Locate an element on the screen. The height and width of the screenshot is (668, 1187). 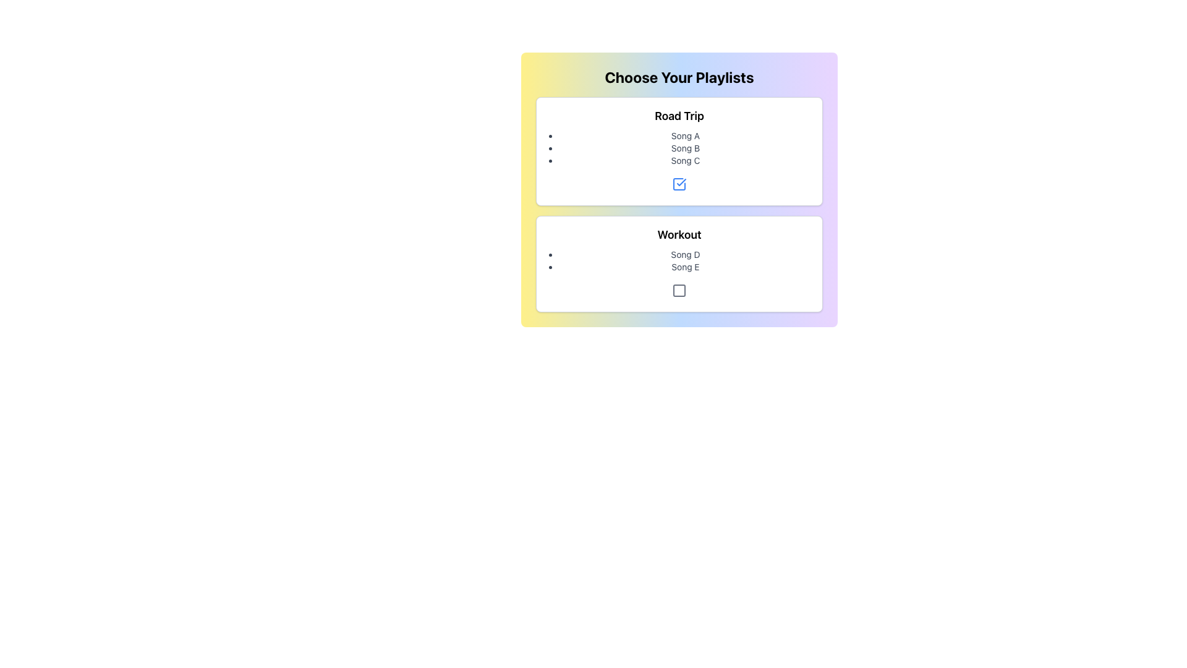
the Text label that identifies the second song in the 'Road Trip' playlist, located directly below 'Song A' and above 'Song C' is located at coordinates (684, 147).